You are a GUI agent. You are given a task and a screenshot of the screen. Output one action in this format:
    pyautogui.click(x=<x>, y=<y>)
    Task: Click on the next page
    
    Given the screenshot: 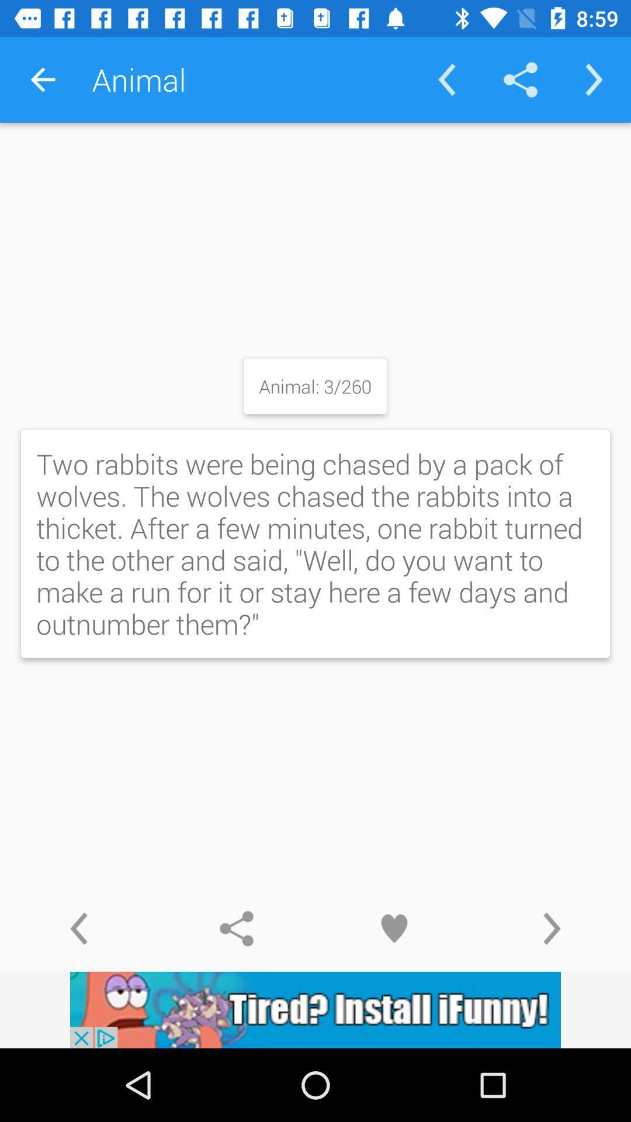 What is the action you would take?
    pyautogui.click(x=552, y=928)
    